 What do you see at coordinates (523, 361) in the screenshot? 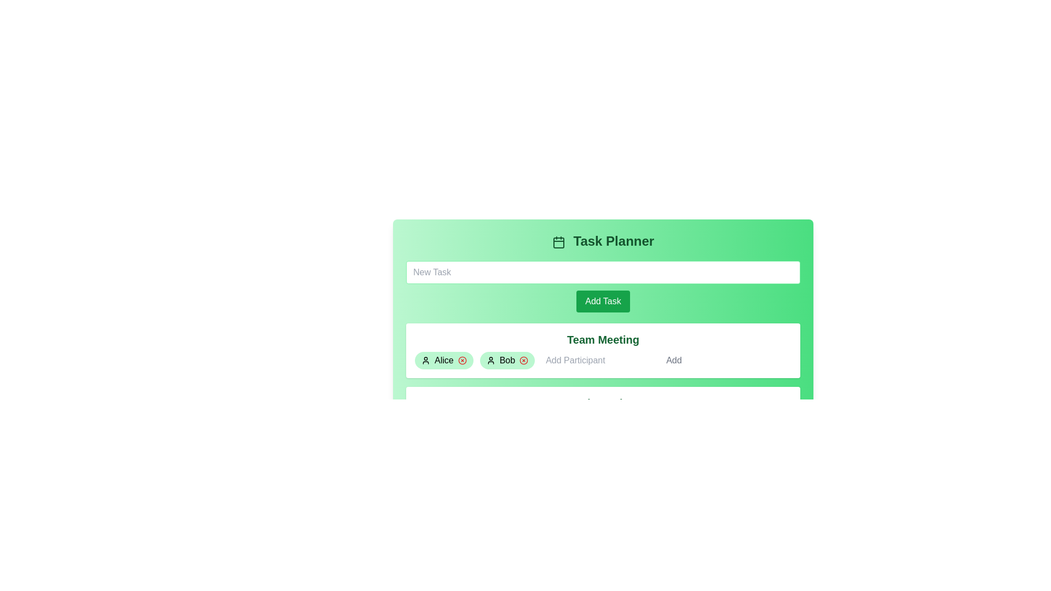
I see `the delete icon associated with participant 'Bob'` at bounding box center [523, 361].